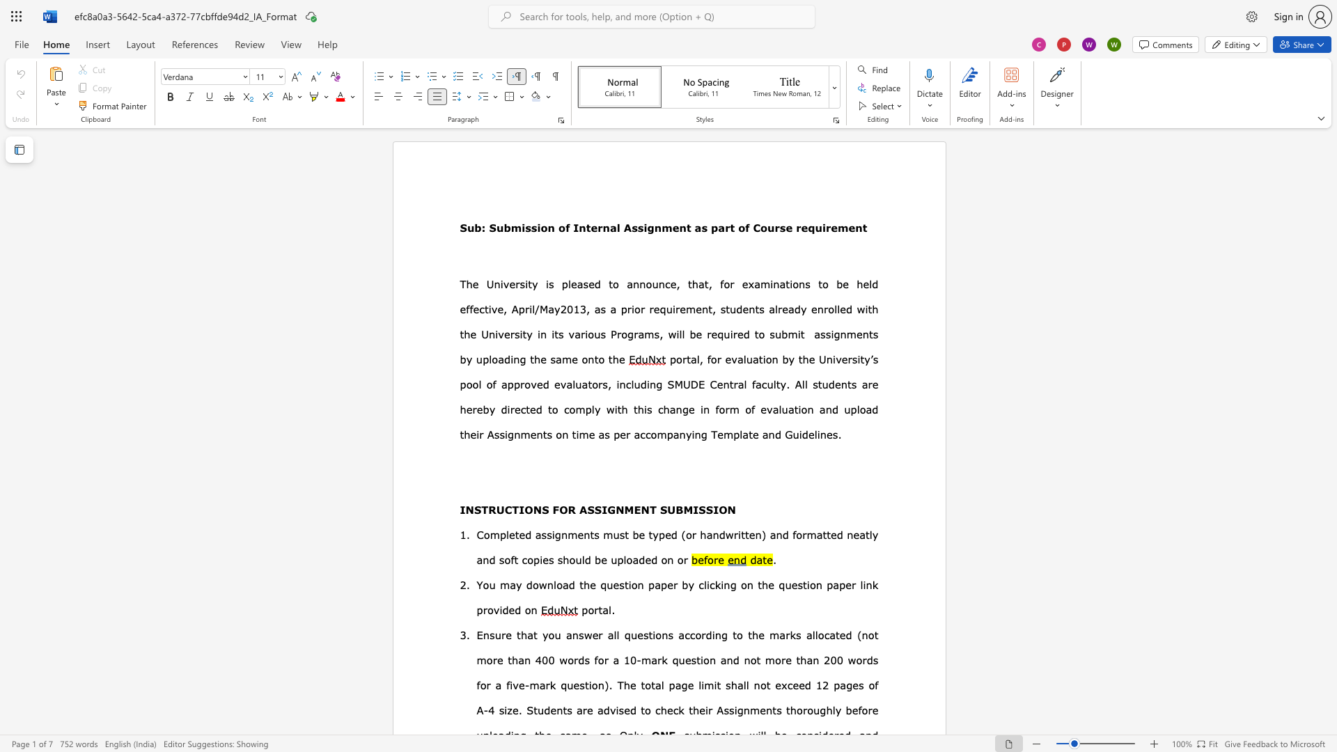  Describe the element at coordinates (503, 408) in the screenshot. I see `the 4th character "d" in the text` at that location.